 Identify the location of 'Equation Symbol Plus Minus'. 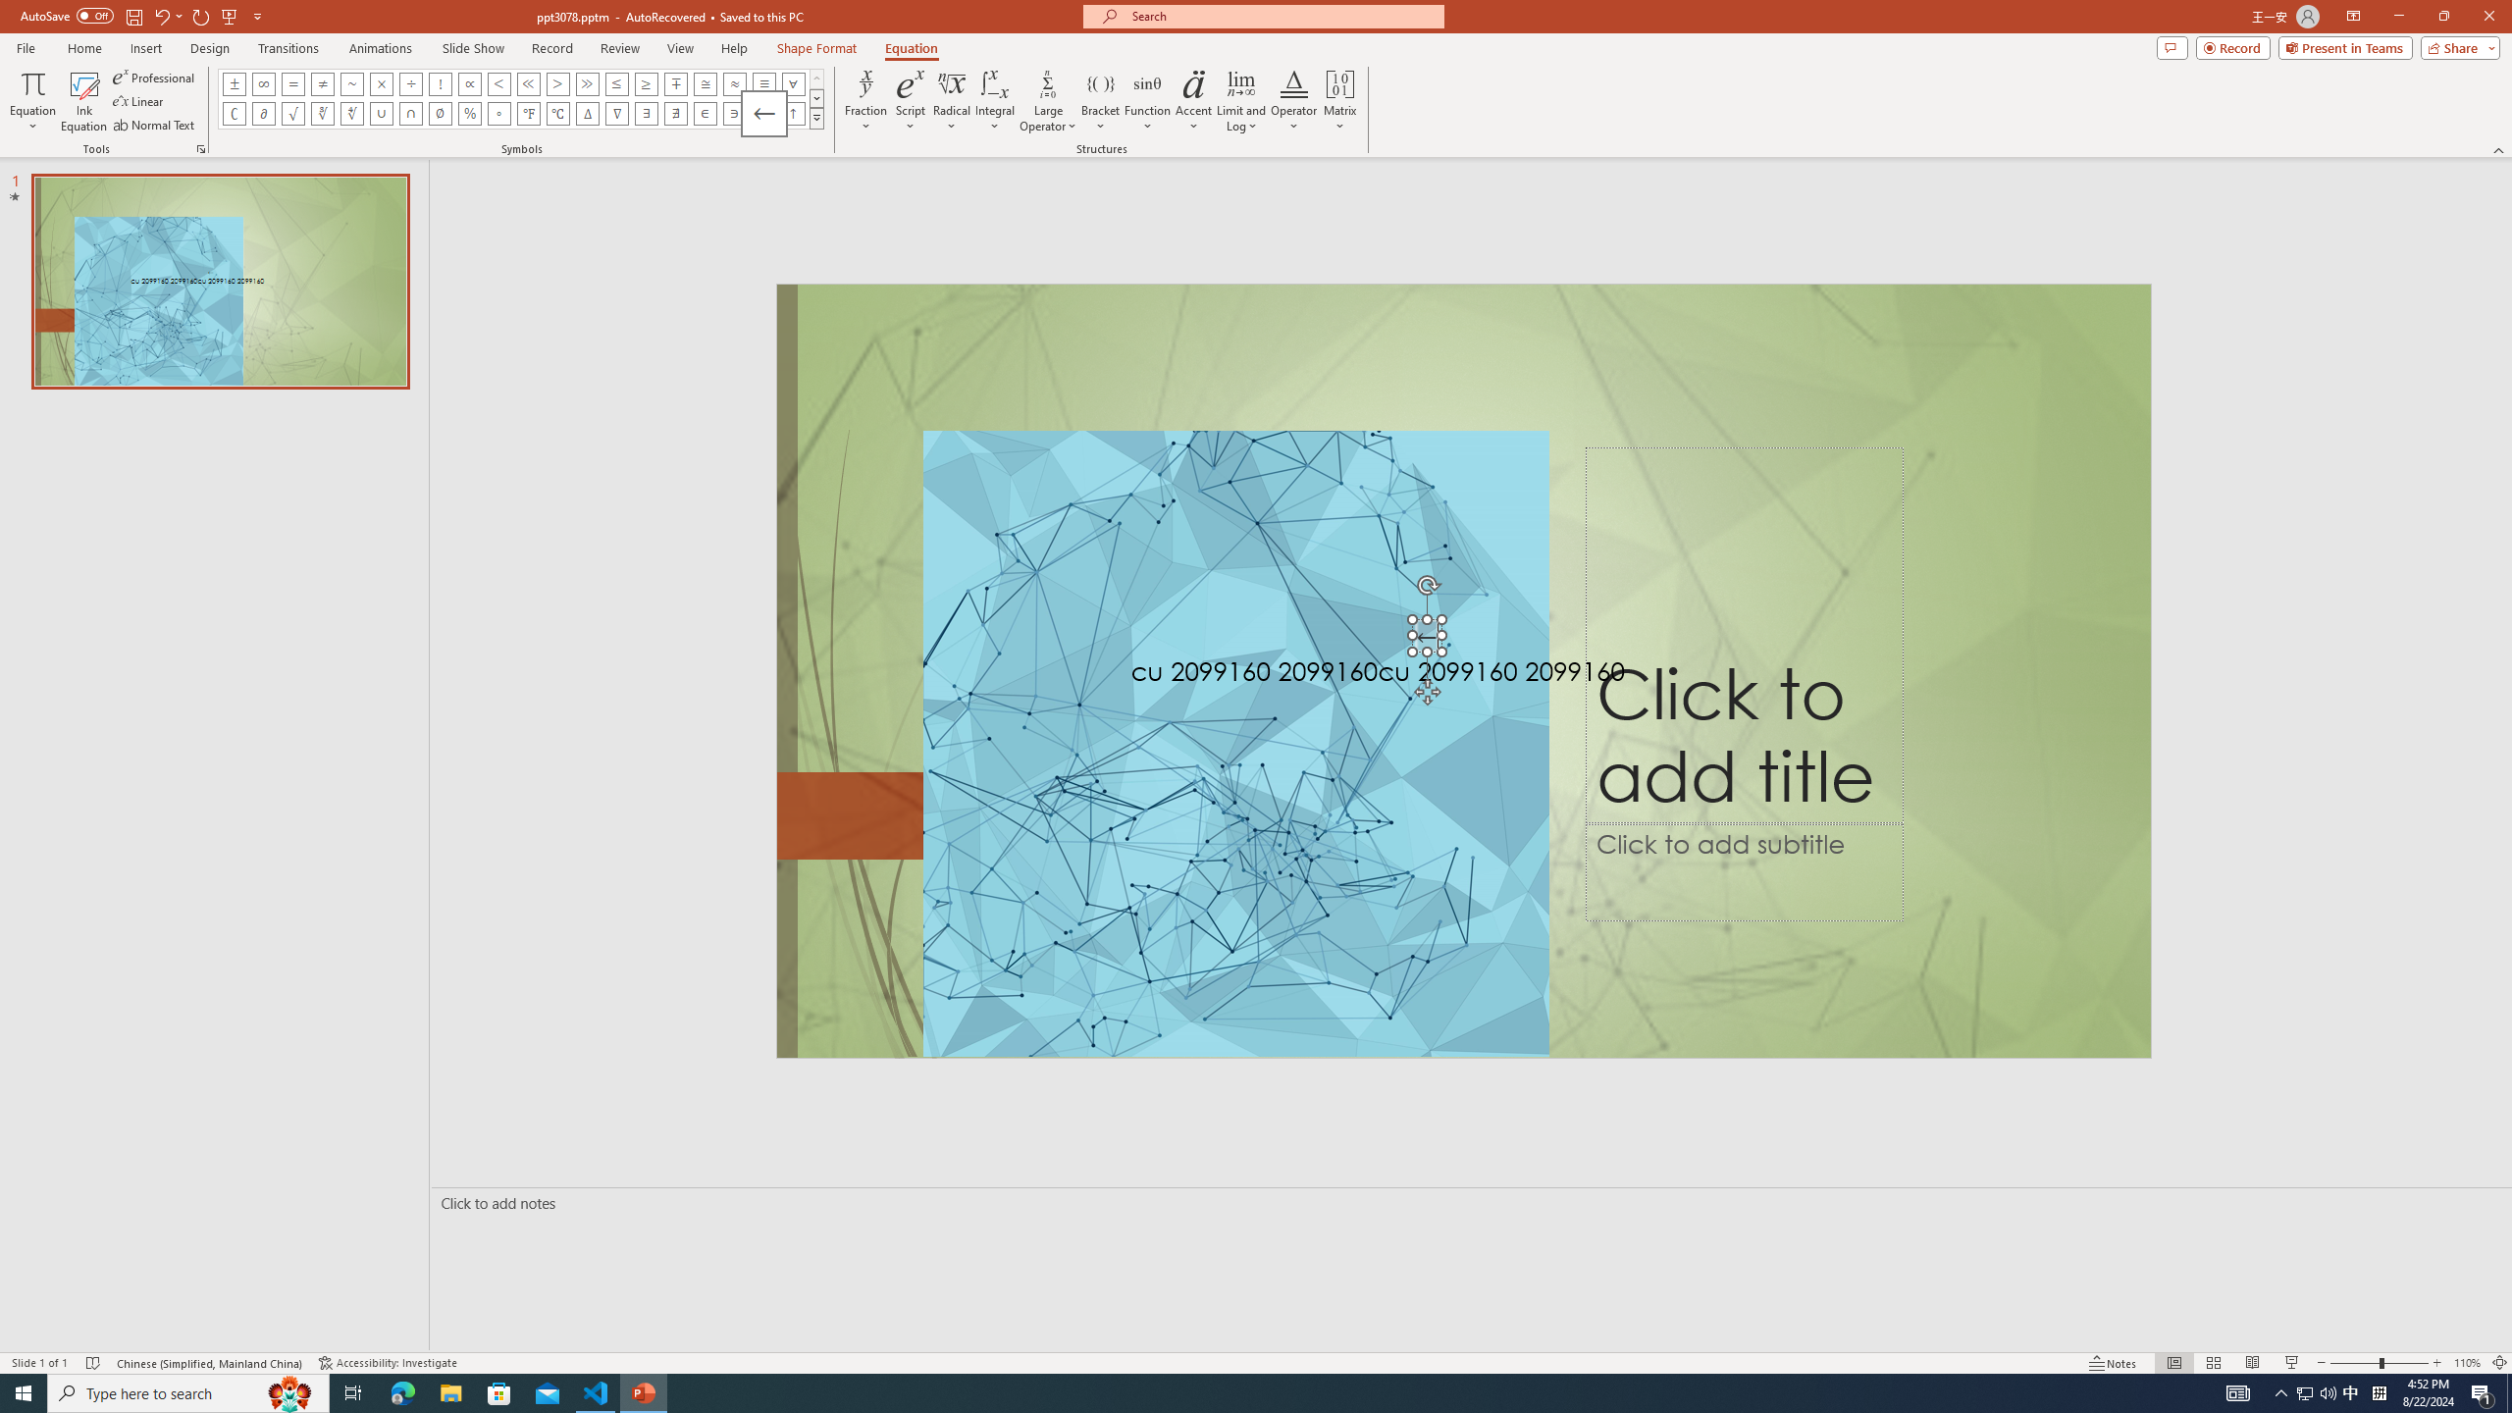
(235, 82).